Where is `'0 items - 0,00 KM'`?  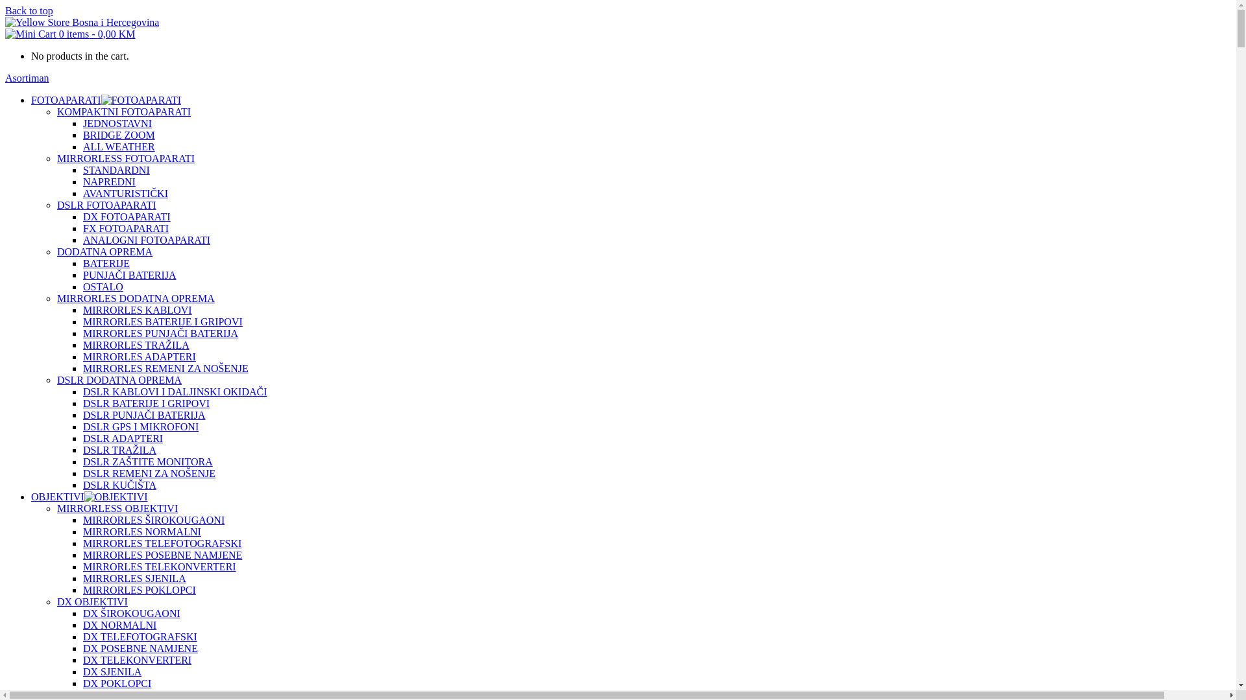 '0 items - 0,00 KM' is located at coordinates (69, 33).